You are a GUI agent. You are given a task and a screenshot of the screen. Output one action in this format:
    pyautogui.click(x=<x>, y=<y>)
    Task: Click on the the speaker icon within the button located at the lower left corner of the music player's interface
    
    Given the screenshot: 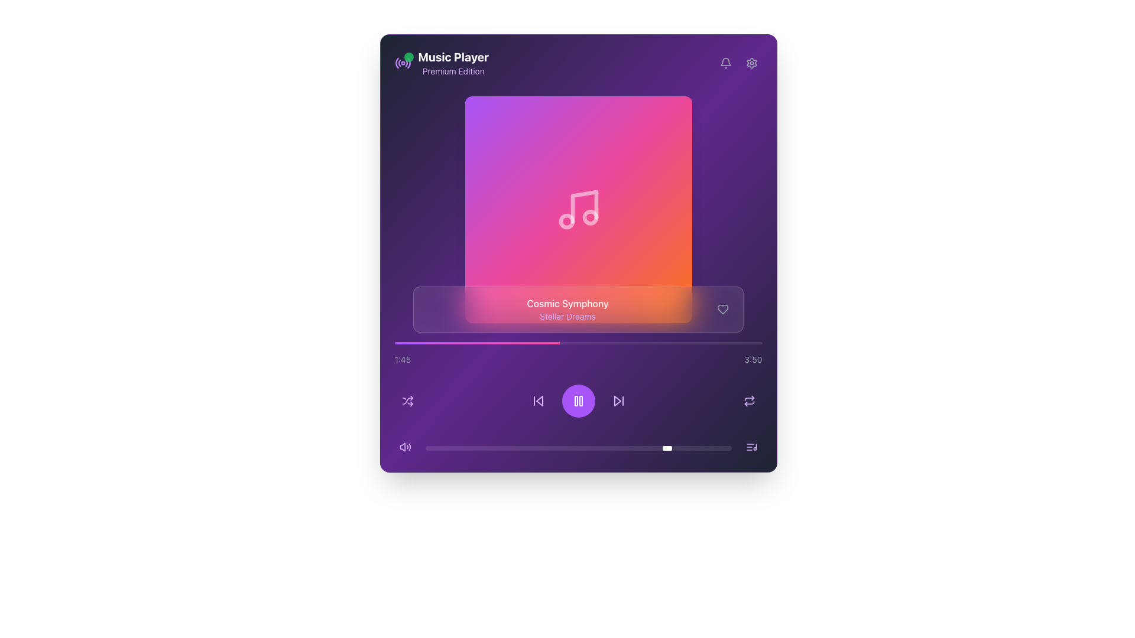 What is the action you would take?
    pyautogui.click(x=405, y=447)
    